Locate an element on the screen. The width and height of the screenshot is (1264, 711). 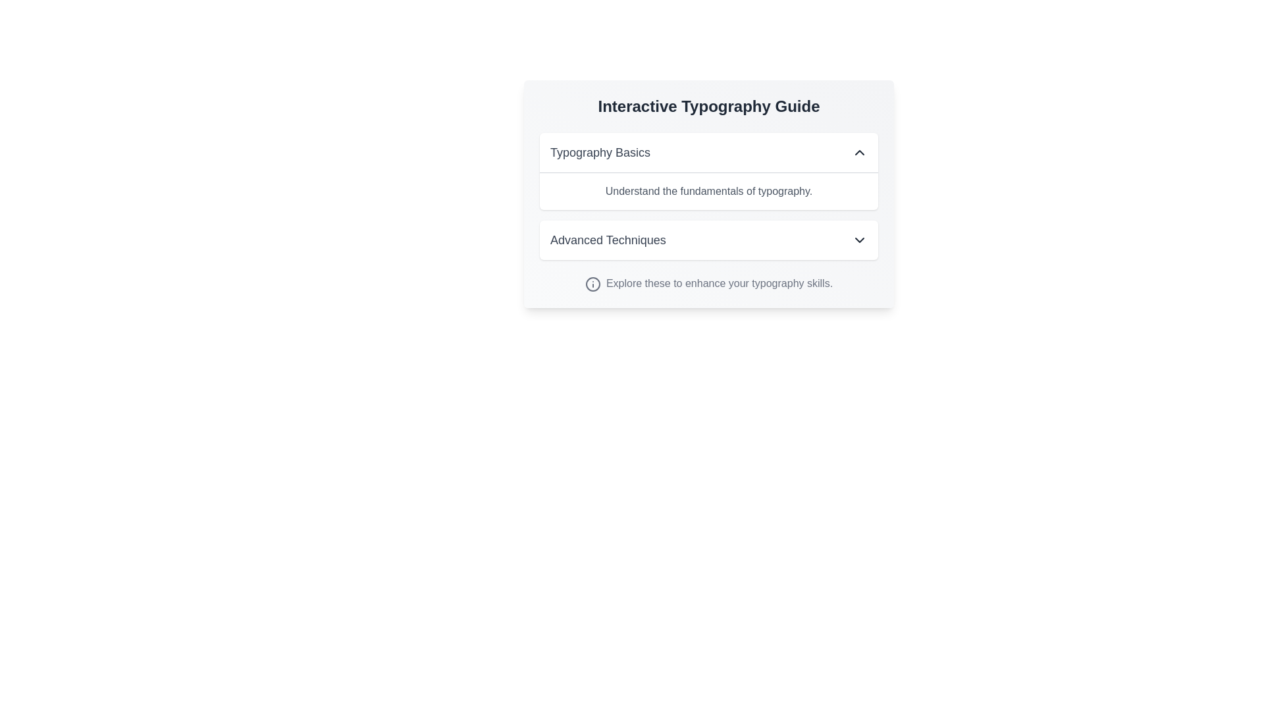
the chevron icon button for the 'Typography Basics' section is located at coordinates (859, 151).